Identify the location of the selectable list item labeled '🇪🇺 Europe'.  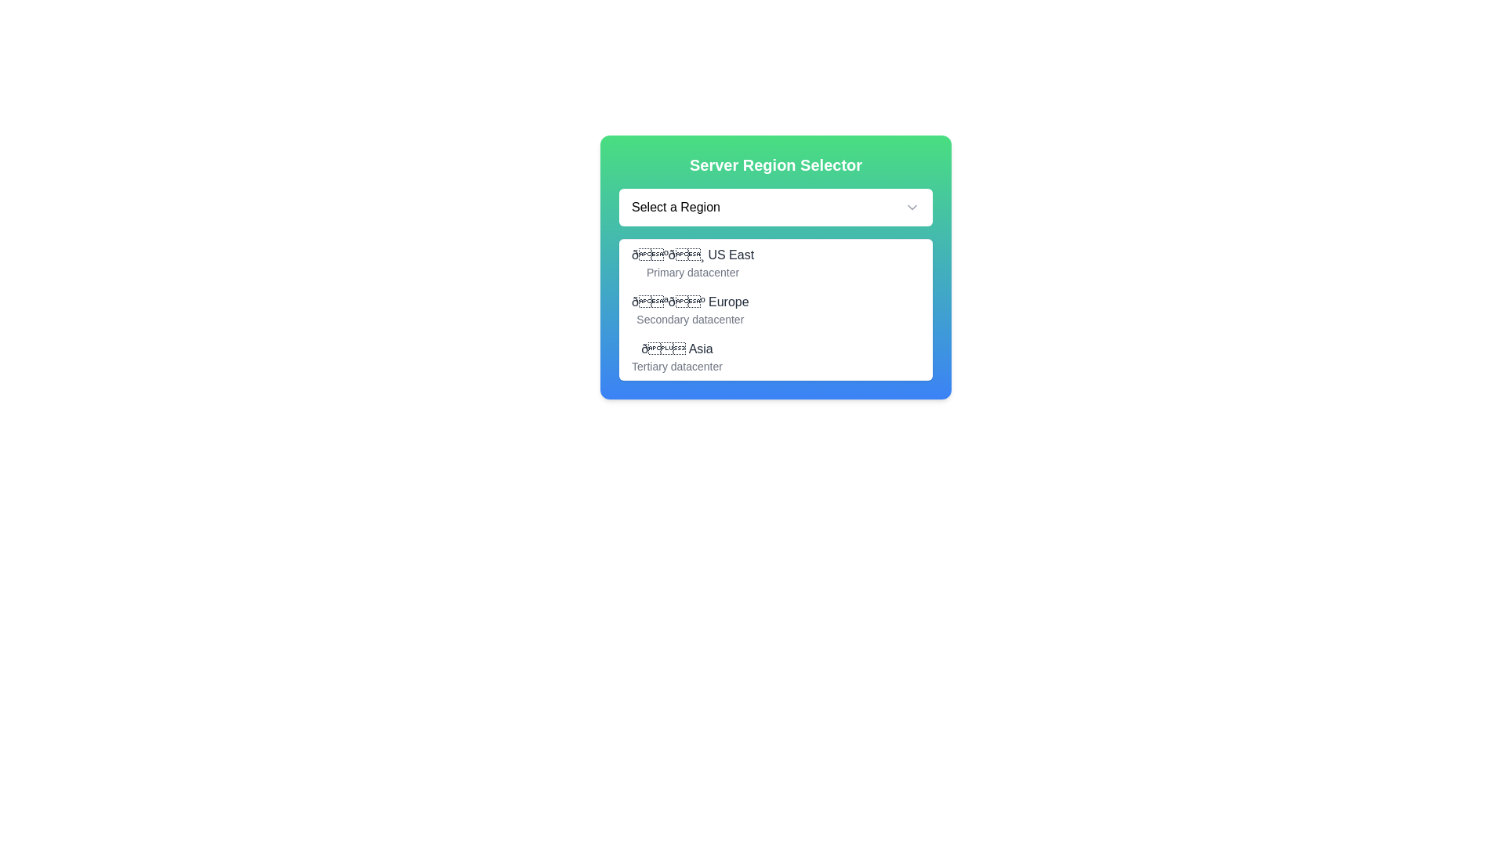
(775, 310).